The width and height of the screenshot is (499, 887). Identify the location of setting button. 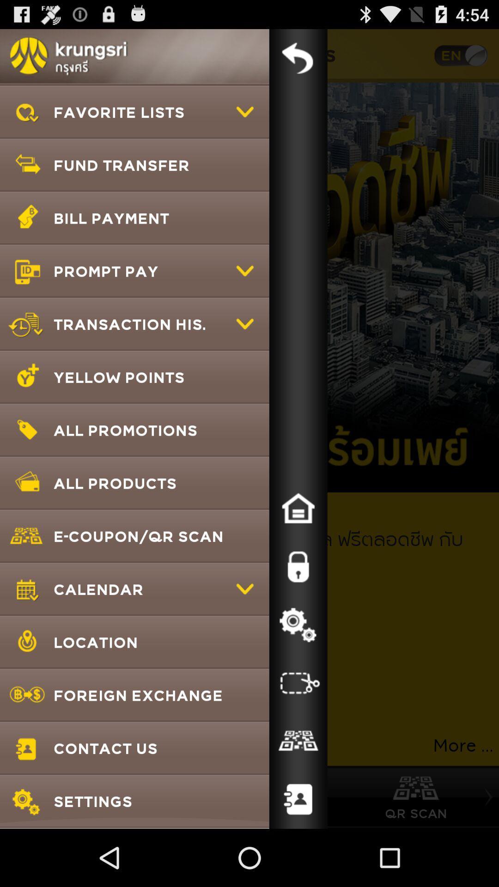
(298, 625).